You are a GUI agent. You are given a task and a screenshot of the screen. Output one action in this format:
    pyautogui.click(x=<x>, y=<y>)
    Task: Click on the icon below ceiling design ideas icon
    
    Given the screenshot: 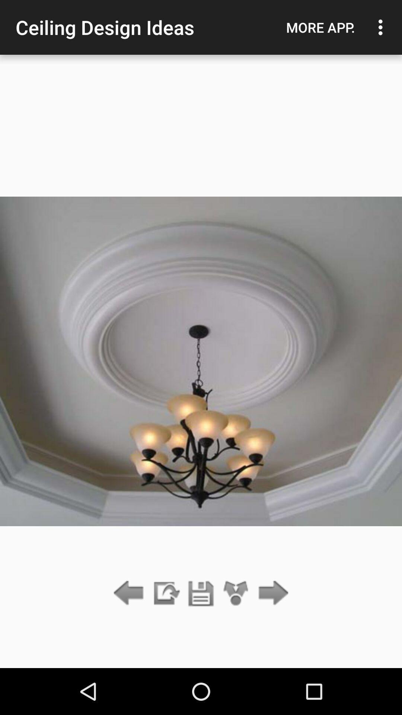 What is the action you would take?
    pyautogui.click(x=201, y=593)
    